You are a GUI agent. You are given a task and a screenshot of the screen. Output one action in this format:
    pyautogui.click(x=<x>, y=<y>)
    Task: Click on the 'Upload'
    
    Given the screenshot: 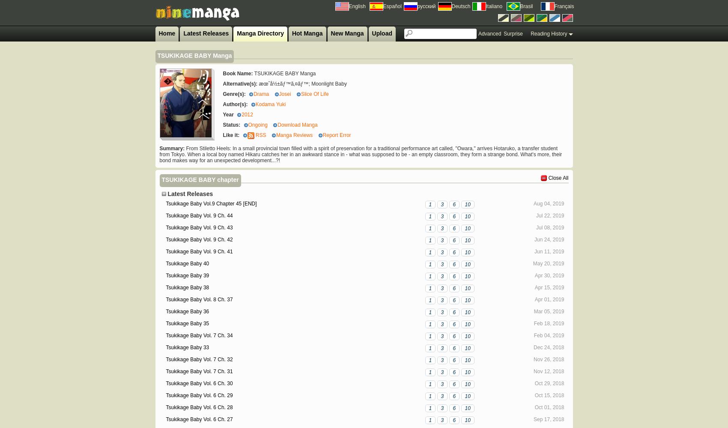 What is the action you would take?
    pyautogui.click(x=372, y=33)
    